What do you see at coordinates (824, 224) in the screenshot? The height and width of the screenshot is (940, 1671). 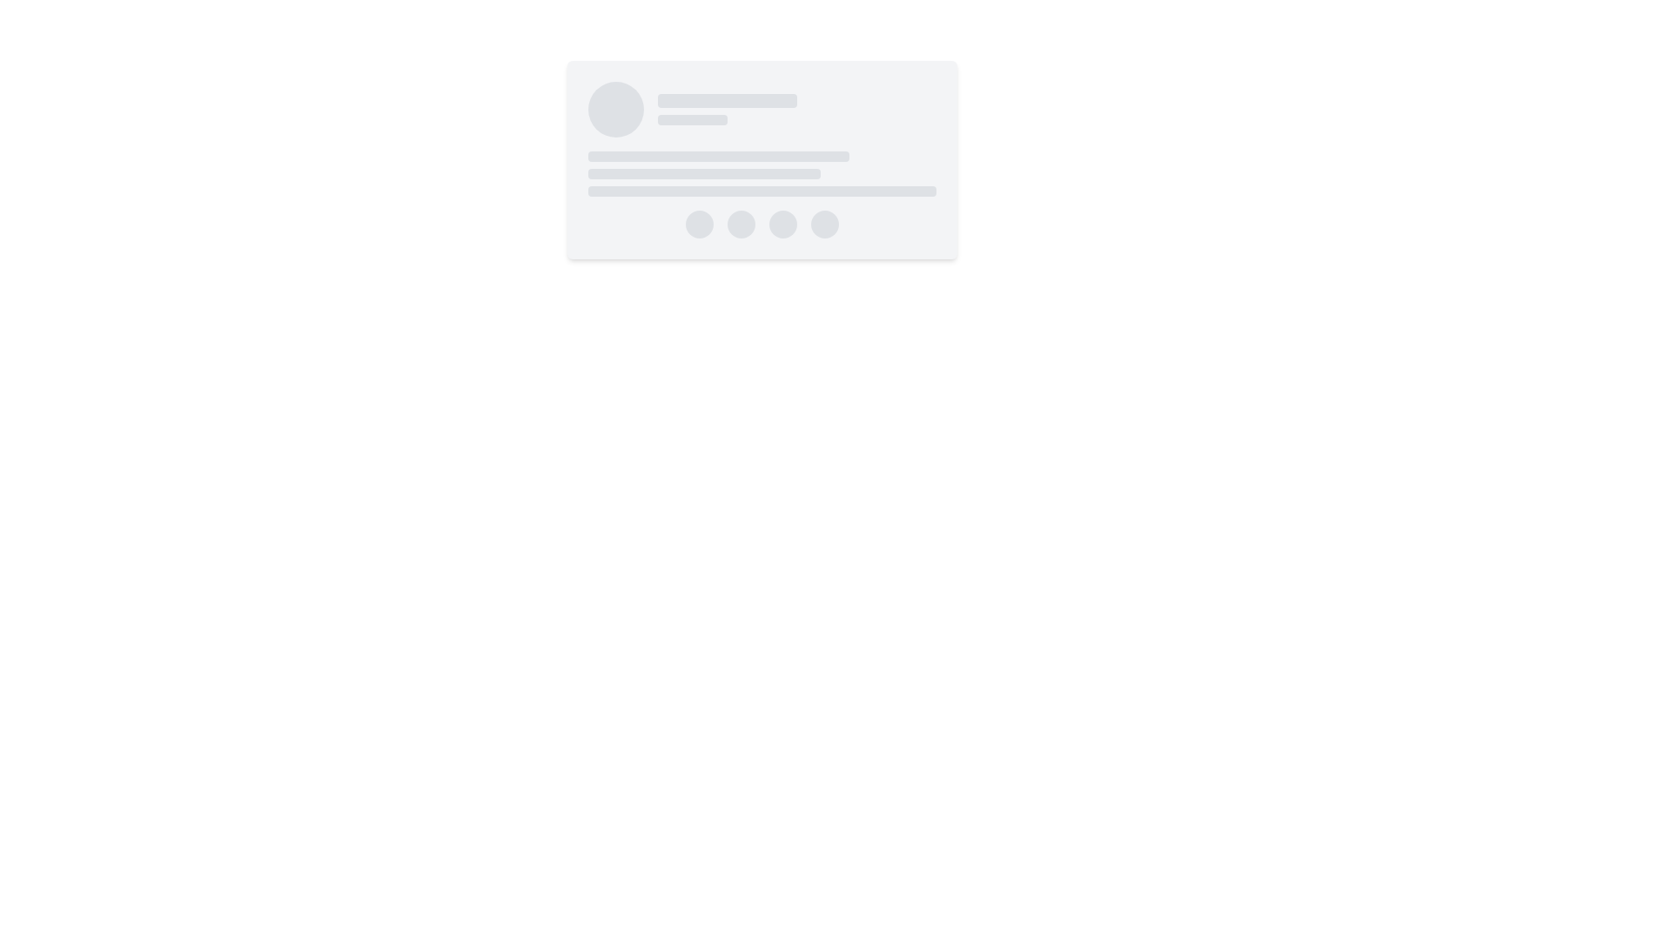 I see `the Loading Placeholder Indicator, which is a small circular shape with a light gray color, indicating a loading state and located as the fourth item in a sequence of circular elements` at bounding box center [824, 224].